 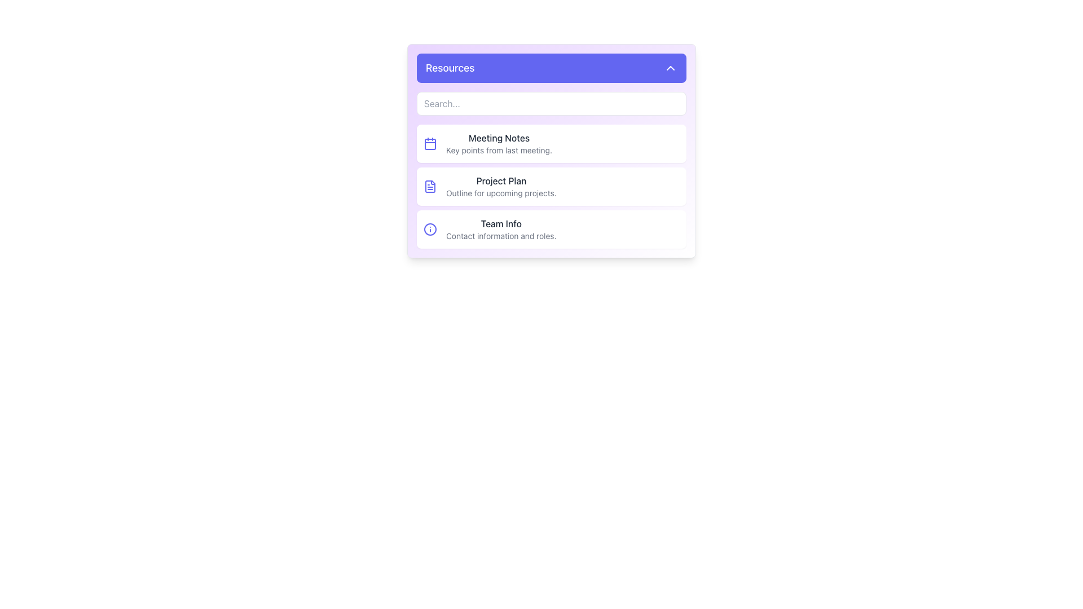 I want to click on the inner rounded rectangle of the calendar icon aligned to the left of the 'Meeting Notes' label under the 'Resources' section, so click(x=430, y=143).